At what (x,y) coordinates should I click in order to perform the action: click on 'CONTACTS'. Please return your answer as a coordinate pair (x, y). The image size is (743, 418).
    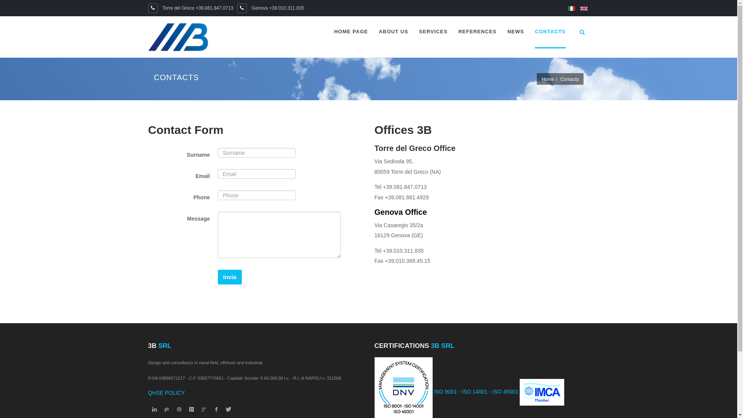
    Looking at the image, I should click on (550, 32).